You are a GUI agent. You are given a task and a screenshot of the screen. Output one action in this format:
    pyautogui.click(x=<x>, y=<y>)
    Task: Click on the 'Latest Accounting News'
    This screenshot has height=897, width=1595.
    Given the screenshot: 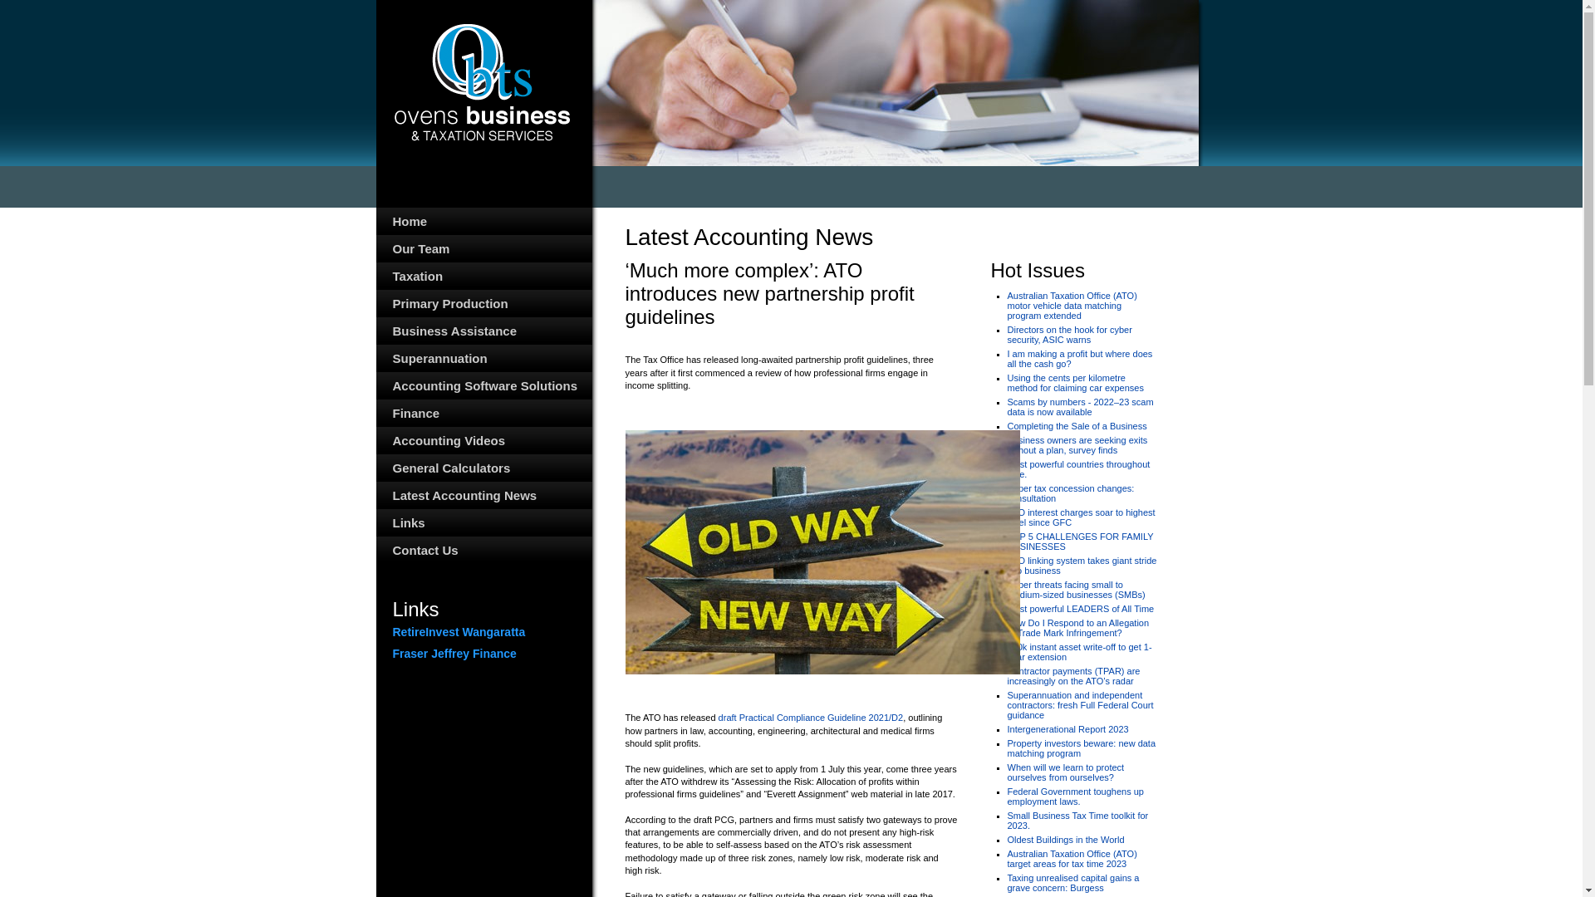 What is the action you would take?
    pyautogui.click(x=482, y=494)
    